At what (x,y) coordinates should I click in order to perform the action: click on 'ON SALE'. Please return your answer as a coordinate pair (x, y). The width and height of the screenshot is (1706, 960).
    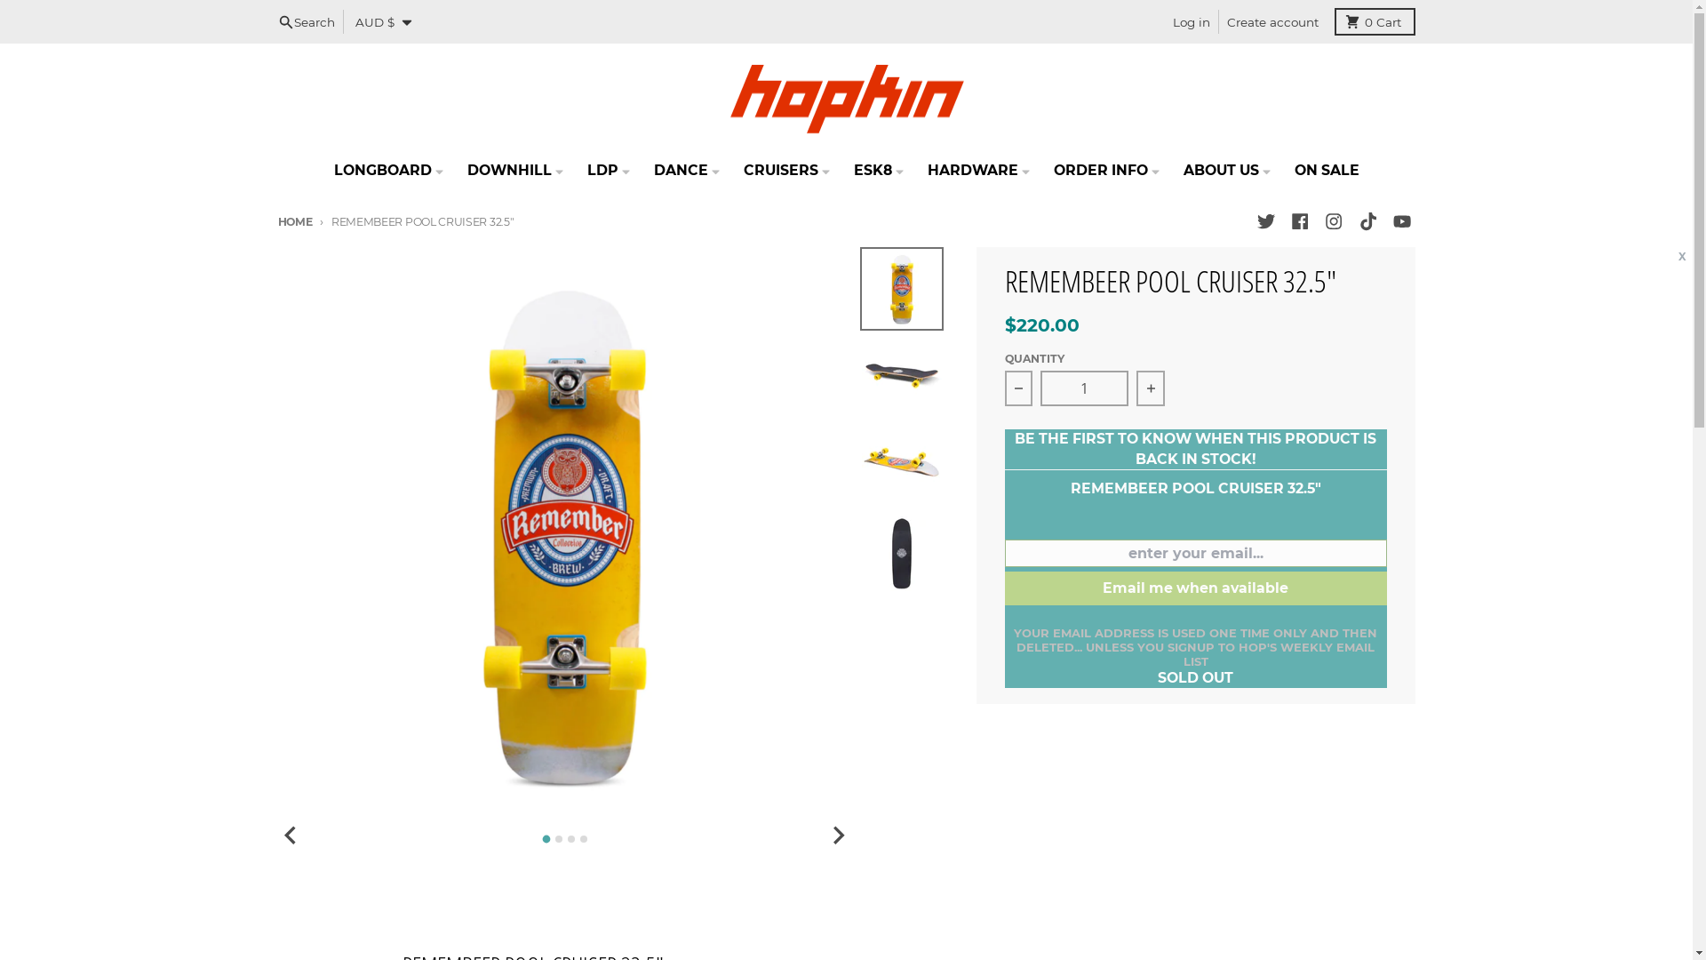
    Looking at the image, I should click on (1326, 171).